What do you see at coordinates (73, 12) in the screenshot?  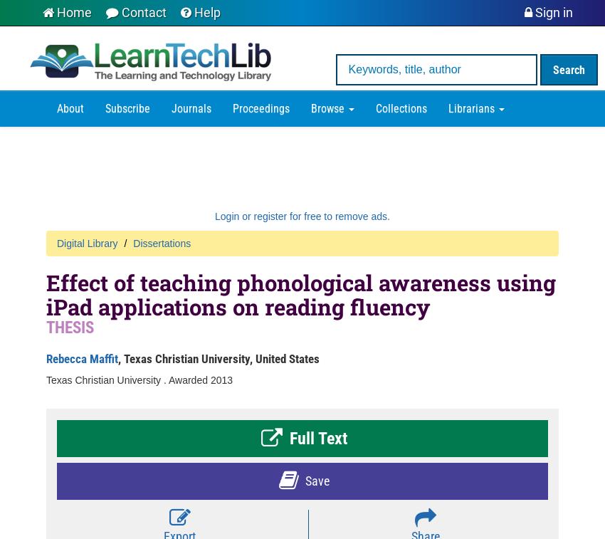 I see `'Home'` at bounding box center [73, 12].